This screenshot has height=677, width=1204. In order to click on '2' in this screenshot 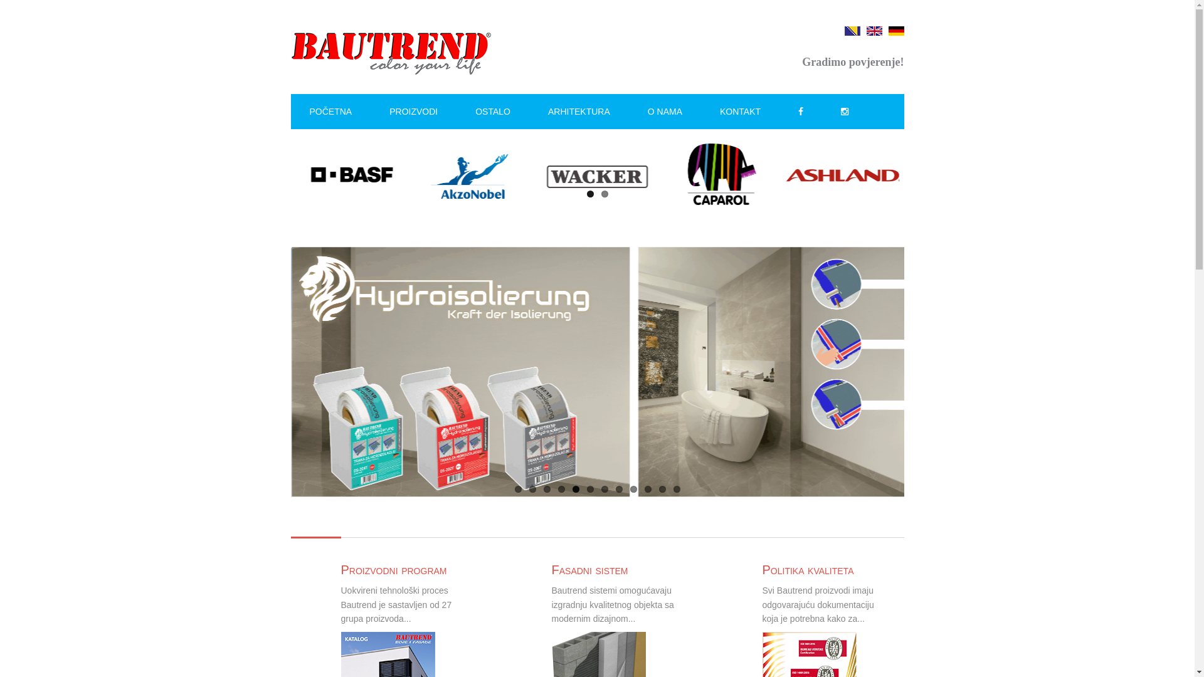, I will do `click(604, 194)`.